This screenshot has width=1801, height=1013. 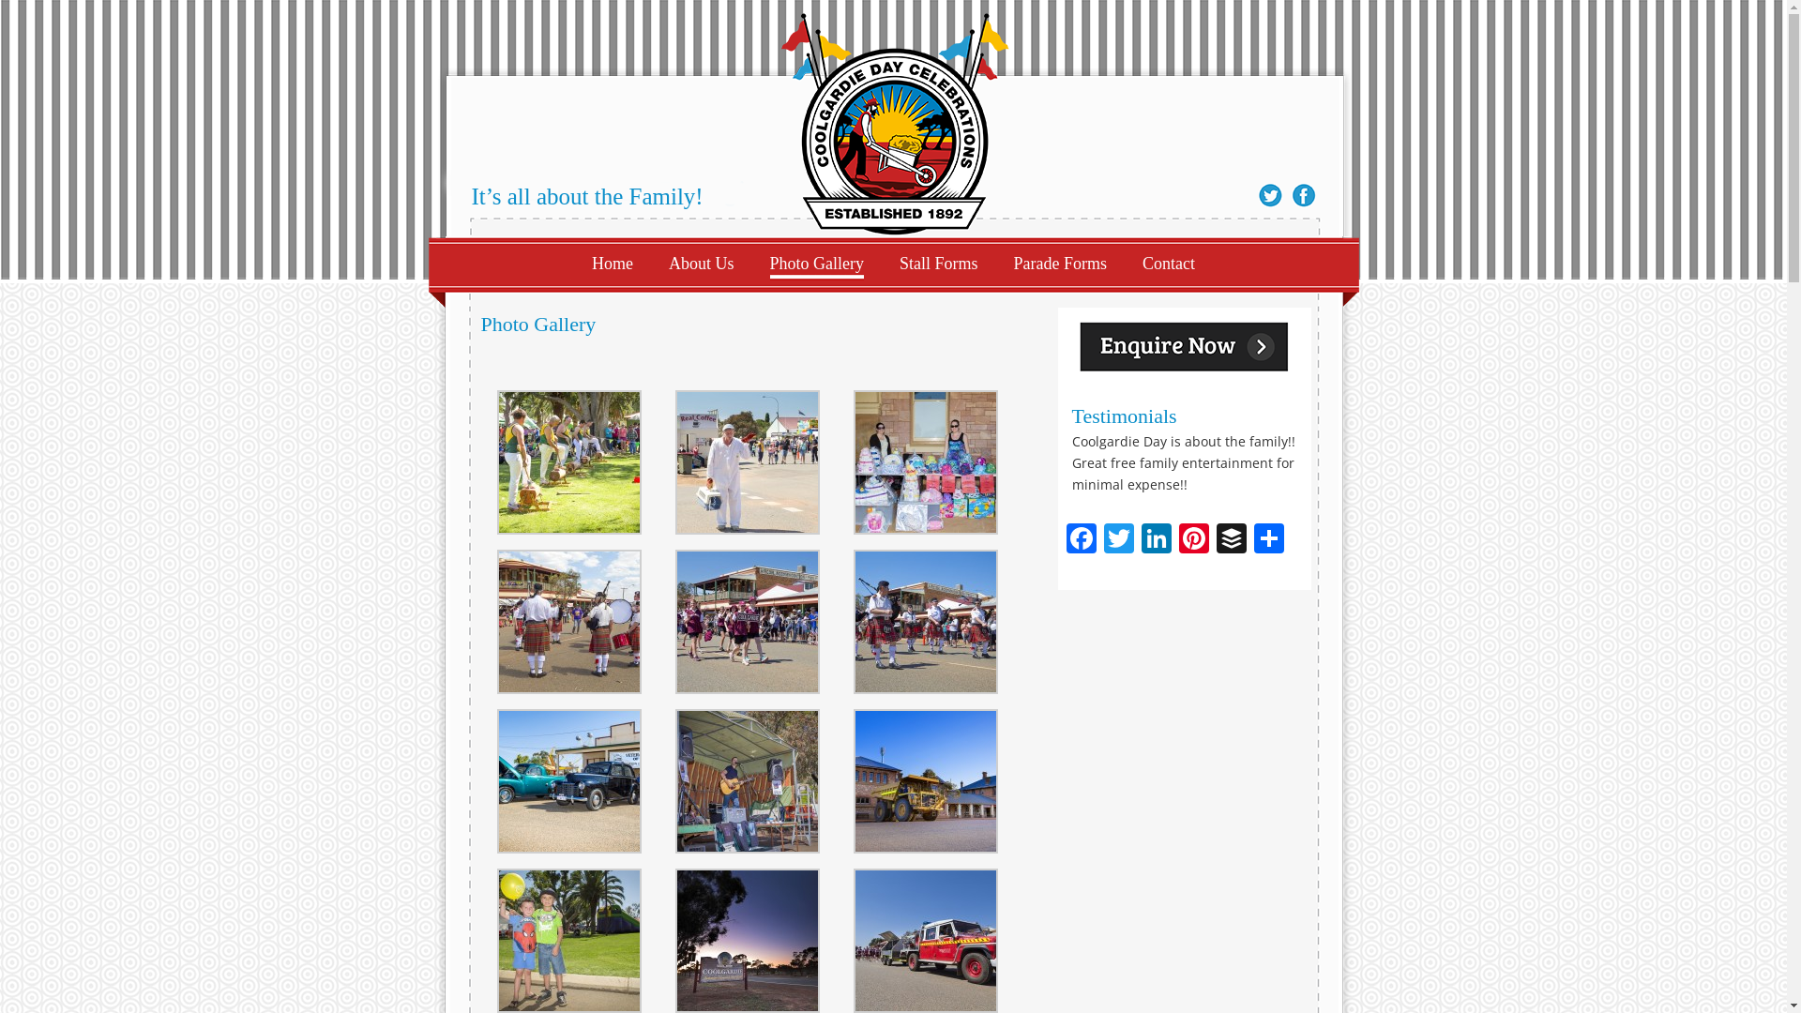 What do you see at coordinates (612, 264) in the screenshot?
I see `'Home'` at bounding box center [612, 264].